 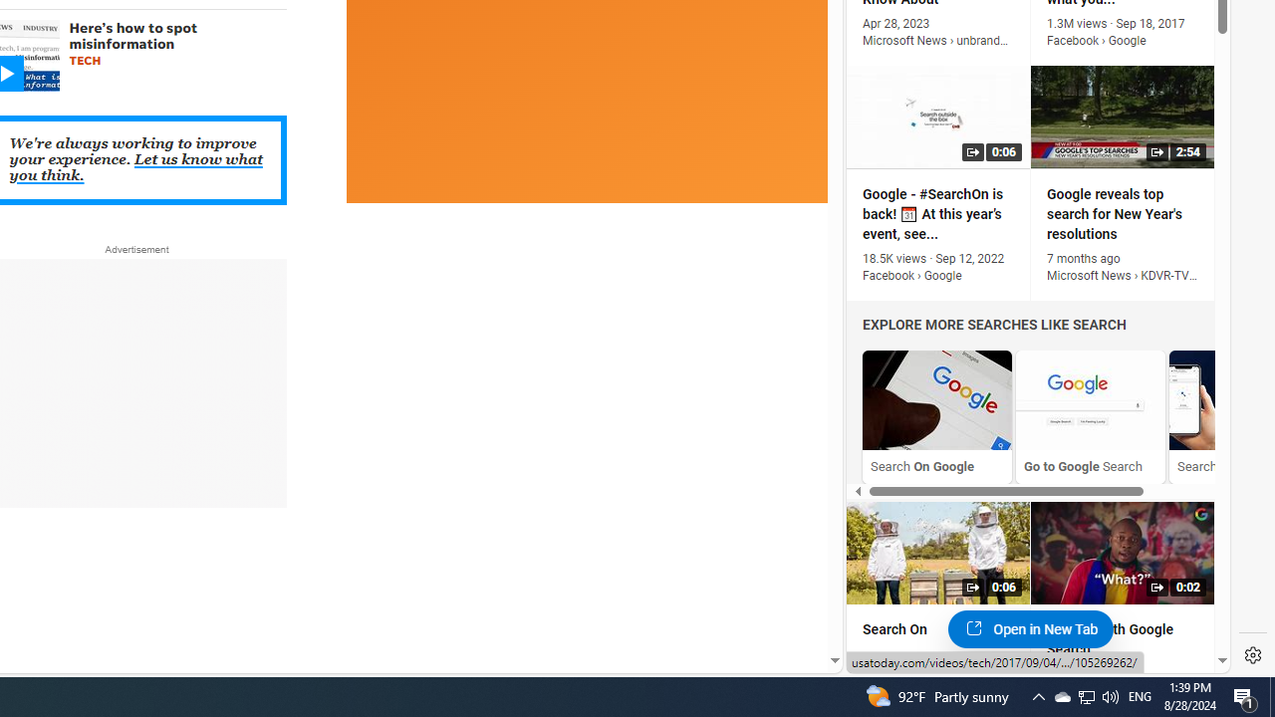 What do you see at coordinates (1090, 415) in the screenshot?
I see `'Go to Google Search'` at bounding box center [1090, 415].